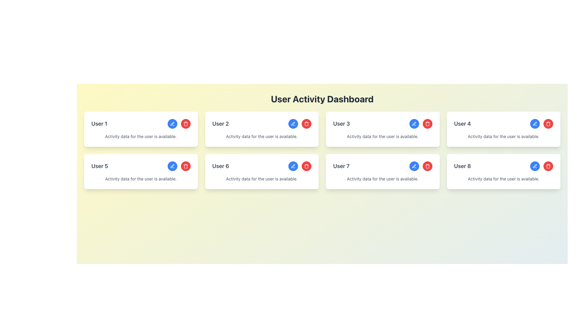 The height and width of the screenshot is (327, 581). I want to click on the rounded red delete button with a white trash icon located inside the fourth user card in the top row of the user activity dashboard, so click(548, 123).